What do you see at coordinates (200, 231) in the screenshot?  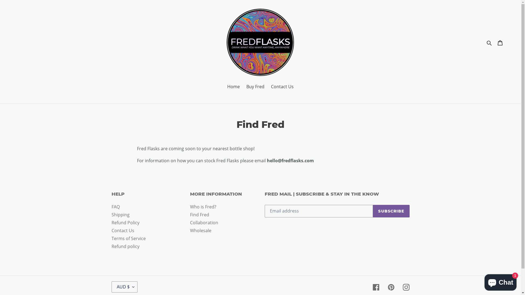 I see `'Wholesale'` at bounding box center [200, 231].